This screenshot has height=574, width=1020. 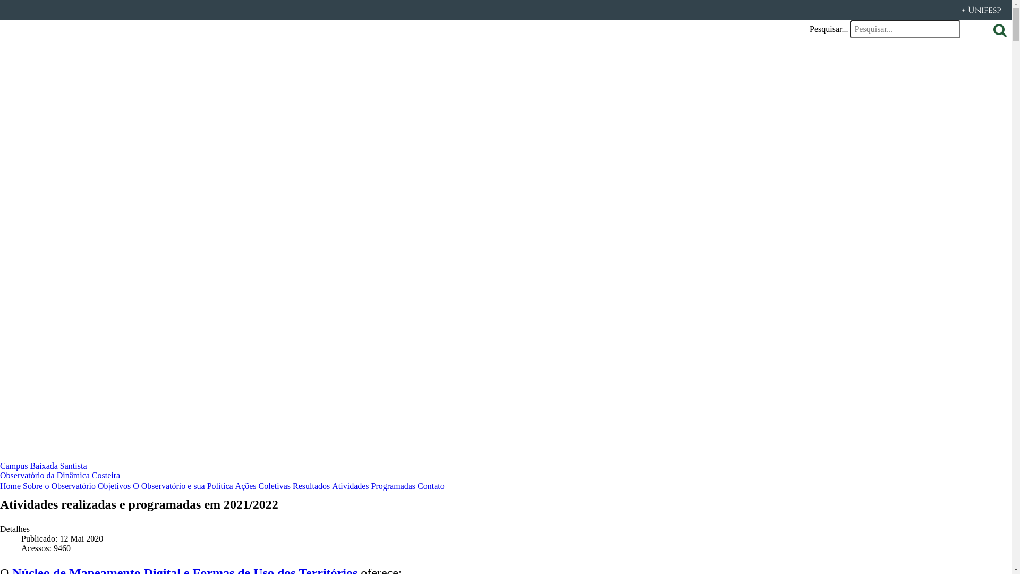 I want to click on 'Home', so click(x=10, y=485).